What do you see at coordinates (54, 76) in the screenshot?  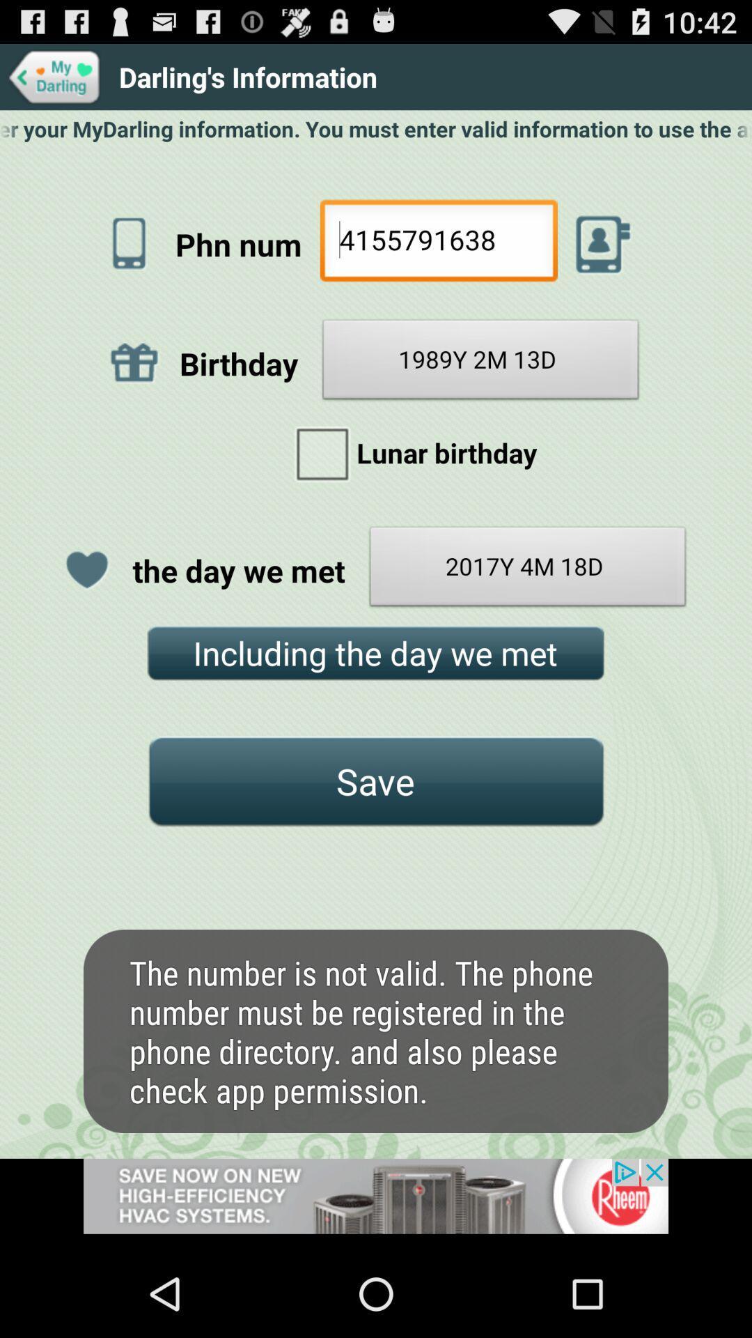 I see `go back` at bounding box center [54, 76].